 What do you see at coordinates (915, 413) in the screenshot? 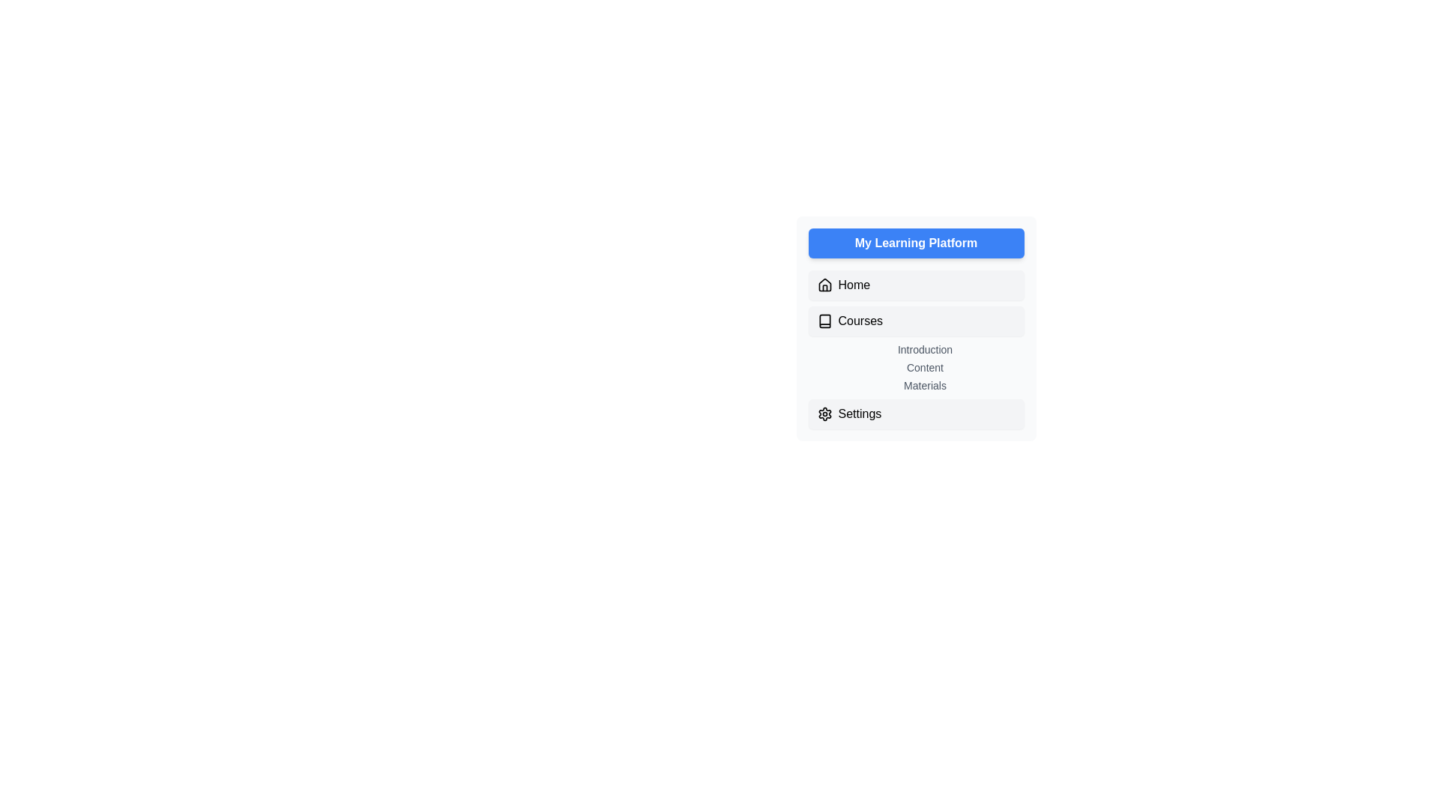
I see `the Hyperlink styled as a button located at the bottom of the sidebar navigation list, which likely opens a settings-related module` at bounding box center [915, 413].